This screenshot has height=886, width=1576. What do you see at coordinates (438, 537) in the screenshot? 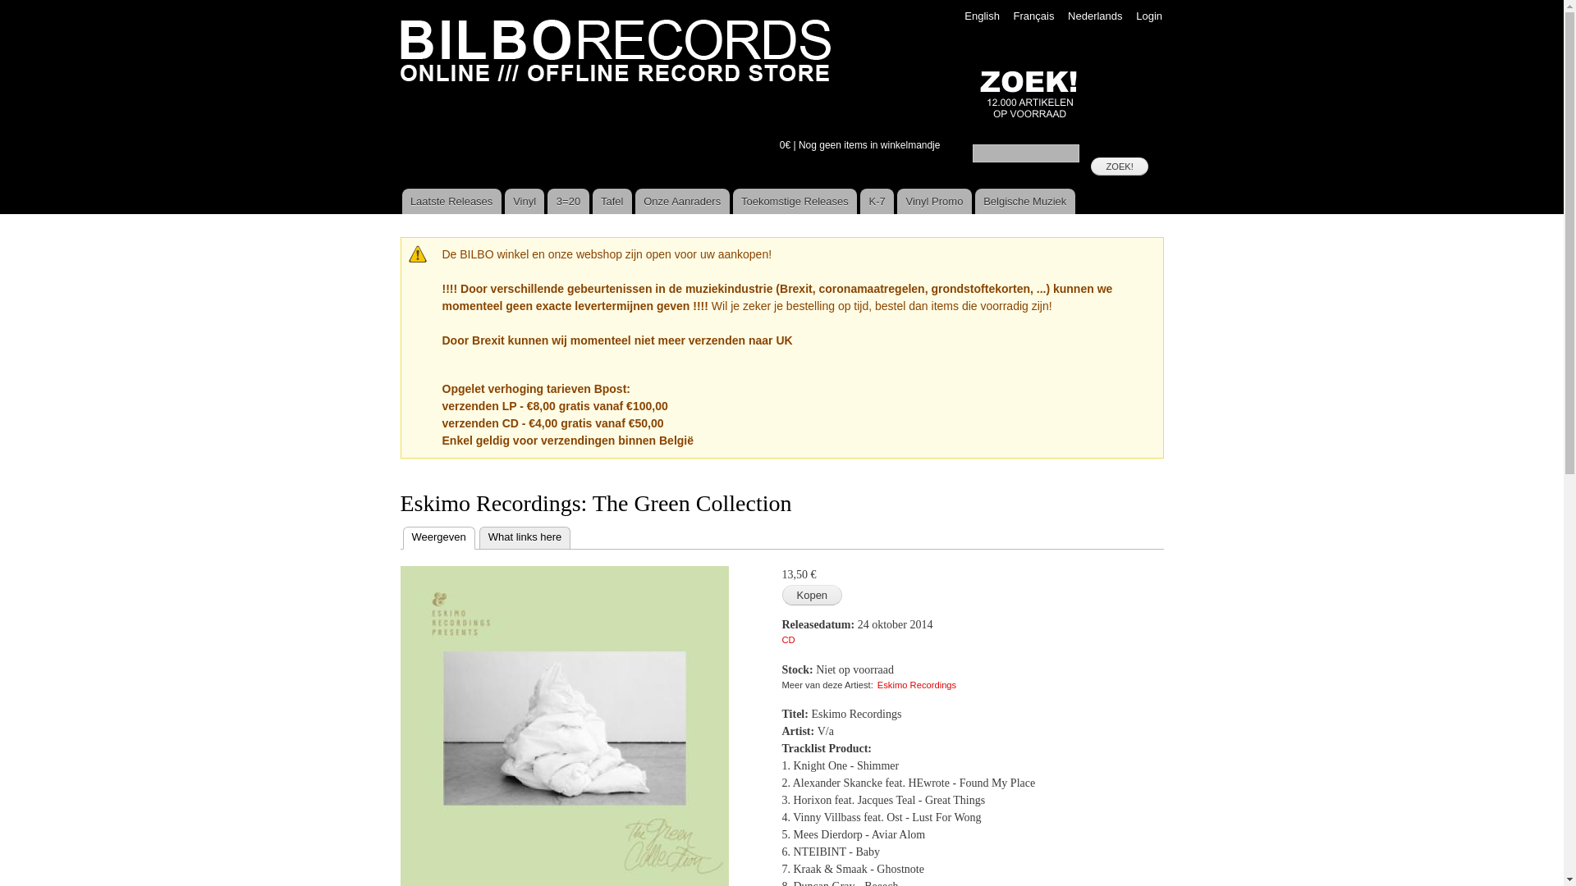
I see `'Weergeven` at bounding box center [438, 537].